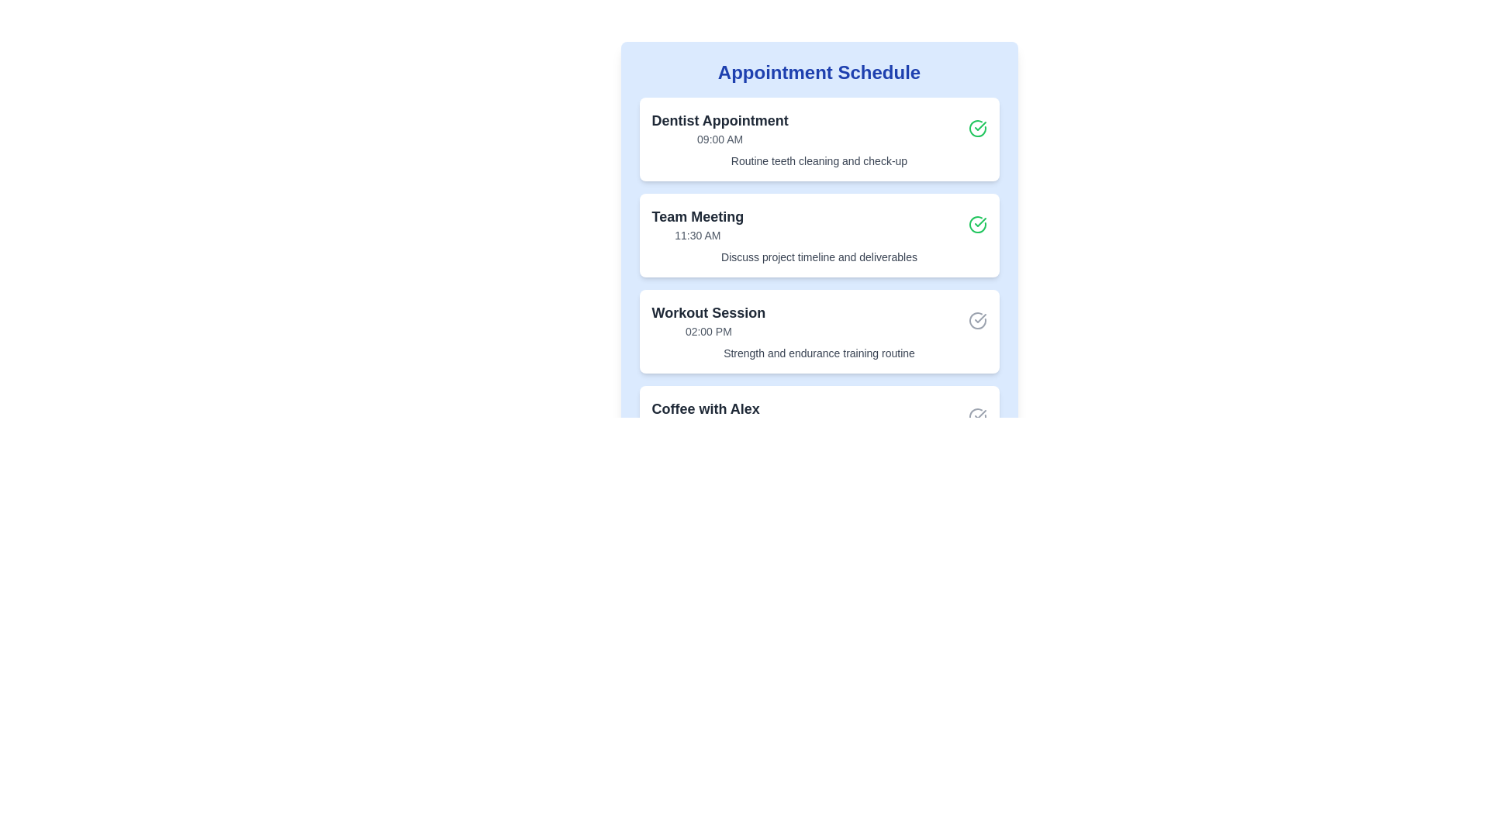  I want to click on the entries of the Appointment Schedule list, which is located beneath the header and displays scheduled appointments such as 'Dentist Appointment', 'Team Meeting', 'Workout Session', and 'Coffee with Alex', so click(818, 284).